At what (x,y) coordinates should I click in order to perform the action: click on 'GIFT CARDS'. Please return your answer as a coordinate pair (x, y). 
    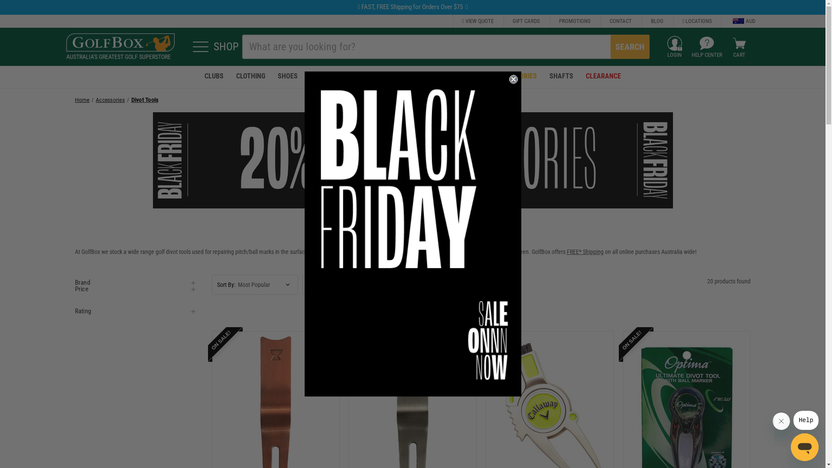
    Looking at the image, I should click on (504, 21).